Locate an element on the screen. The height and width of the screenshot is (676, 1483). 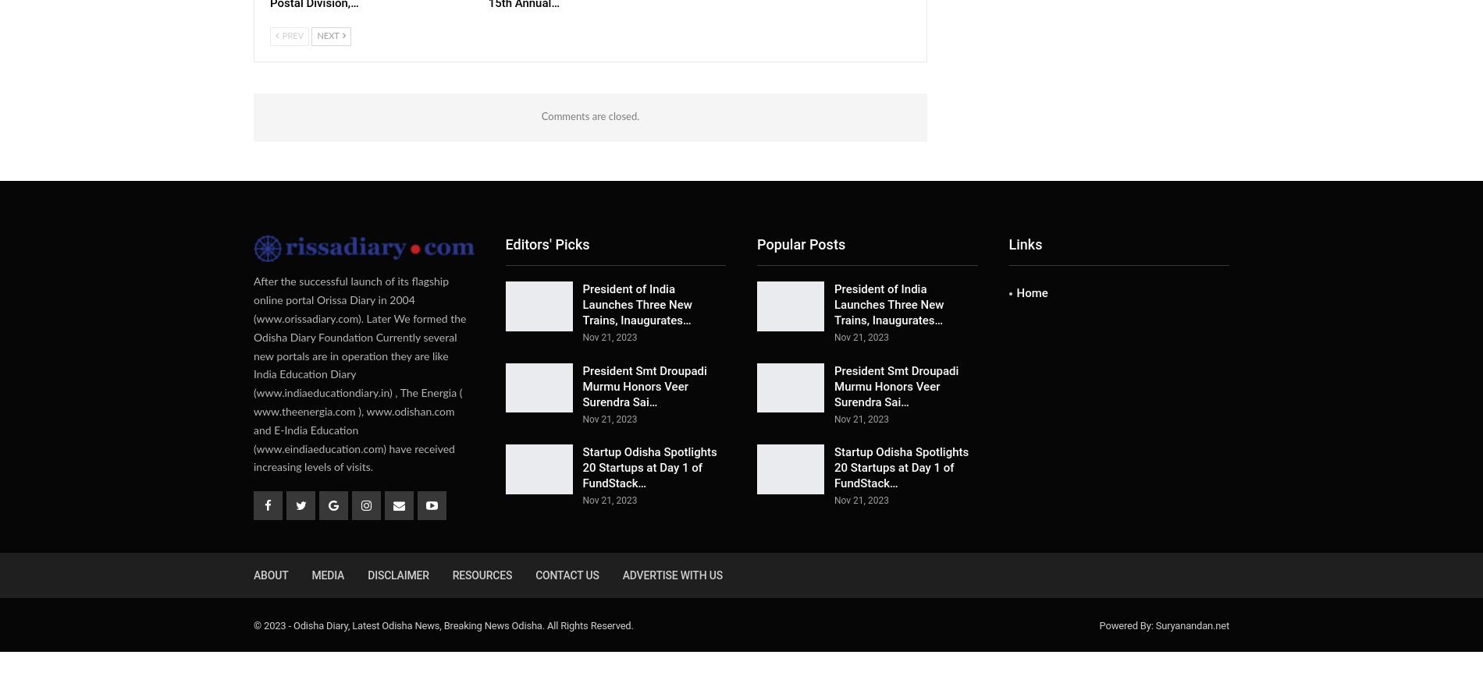
'Disclaimer' is located at coordinates (397, 574).